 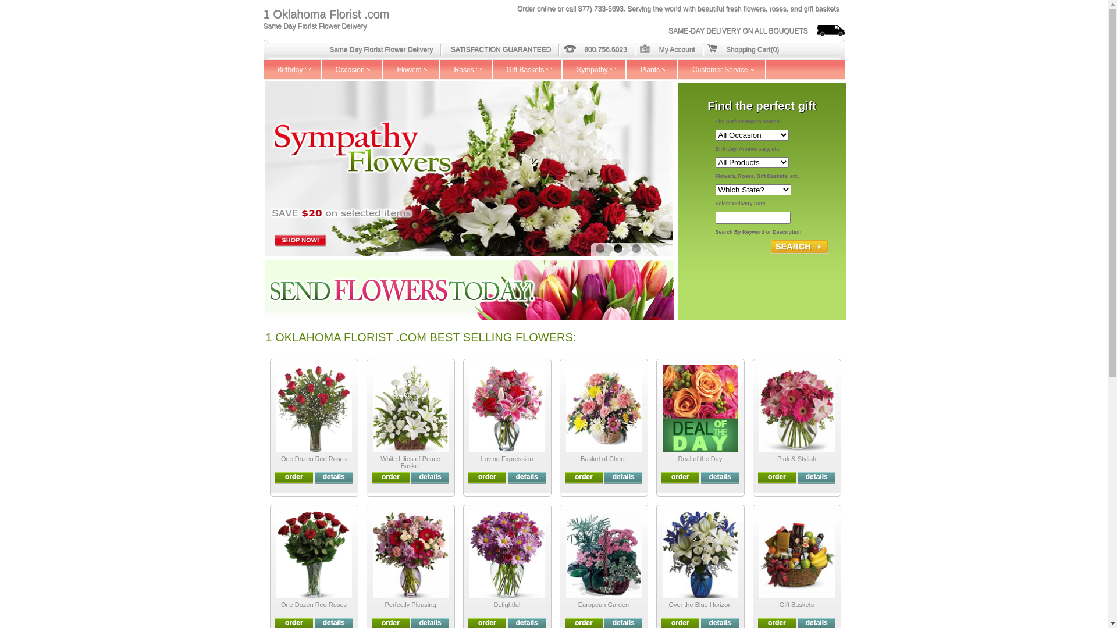 What do you see at coordinates (466, 69) in the screenshot?
I see `'Roses'` at bounding box center [466, 69].